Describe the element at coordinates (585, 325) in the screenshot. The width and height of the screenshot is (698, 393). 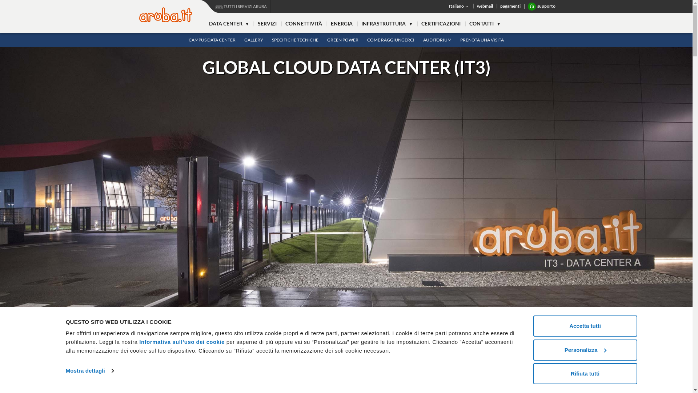
I see `'Accetta tutti'` at that location.